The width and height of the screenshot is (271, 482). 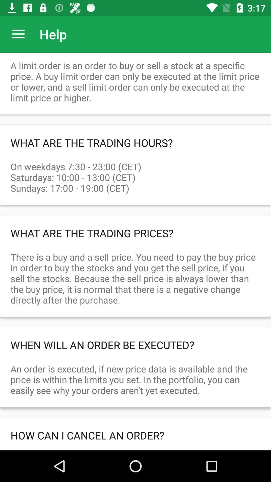 I want to click on the icon next to help icon, so click(x=18, y=34).